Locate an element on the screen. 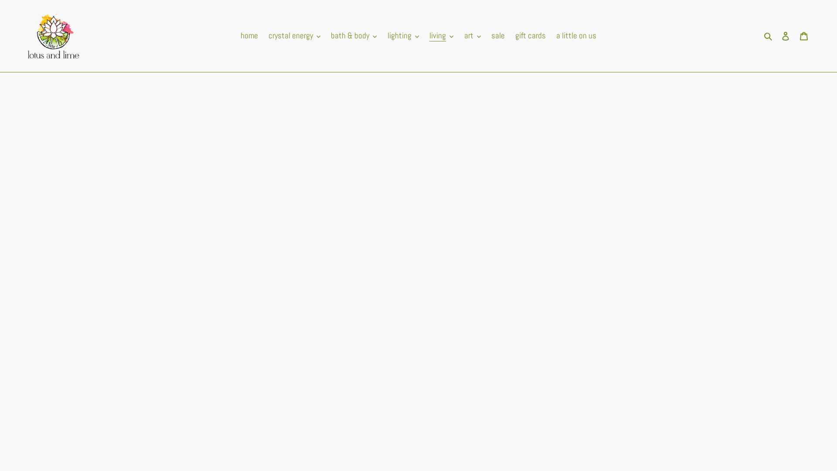 This screenshot has height=471, width=837. 'art' is located at coordinates (472, 35).